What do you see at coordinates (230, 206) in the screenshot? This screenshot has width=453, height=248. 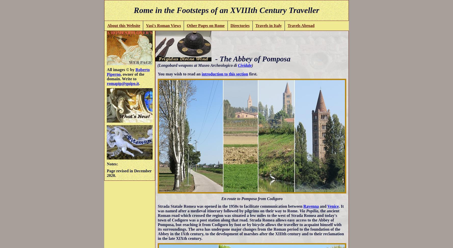 I see `'Strada Statale Romea was opened in the 1950s to facilitate communication between'` at bounding box center [230, 206].